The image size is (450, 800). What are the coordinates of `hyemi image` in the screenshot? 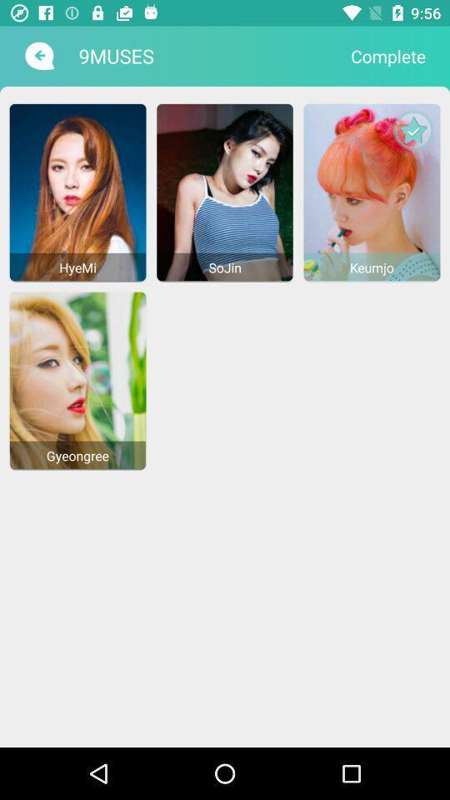 It's located at (77, 192).